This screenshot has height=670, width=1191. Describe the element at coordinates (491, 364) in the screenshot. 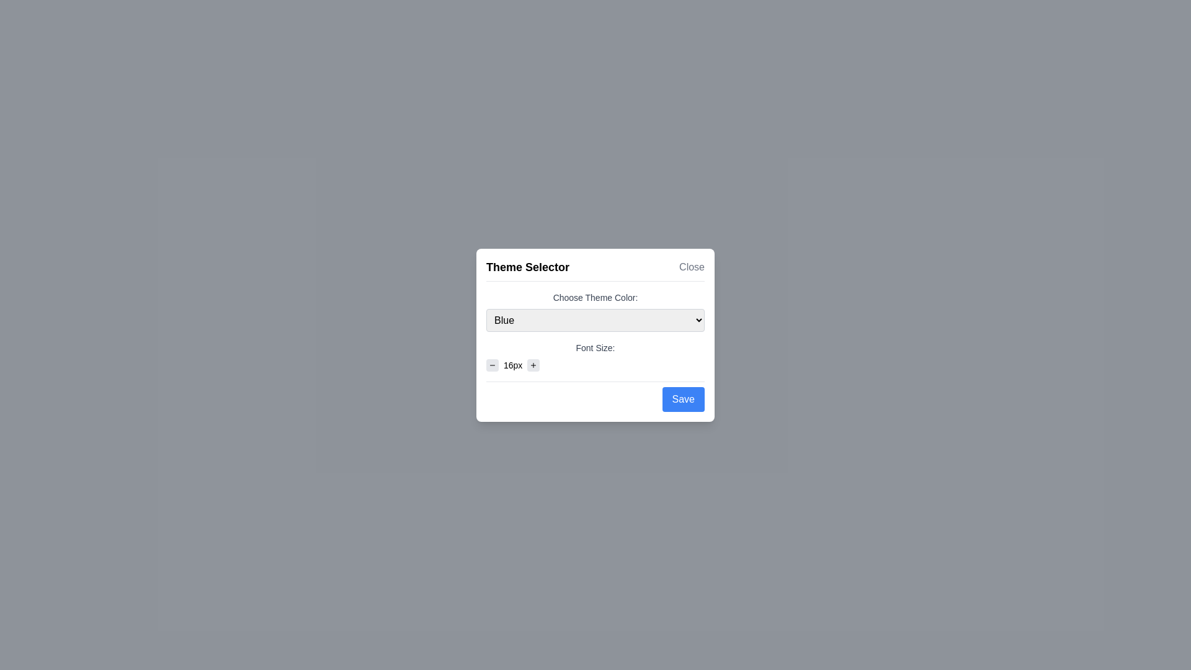

I see `the circular gray button with a minus icon, located to the left of the '16px' label in the 'Font Size' adjustment section, to decrease the font size` at that location.